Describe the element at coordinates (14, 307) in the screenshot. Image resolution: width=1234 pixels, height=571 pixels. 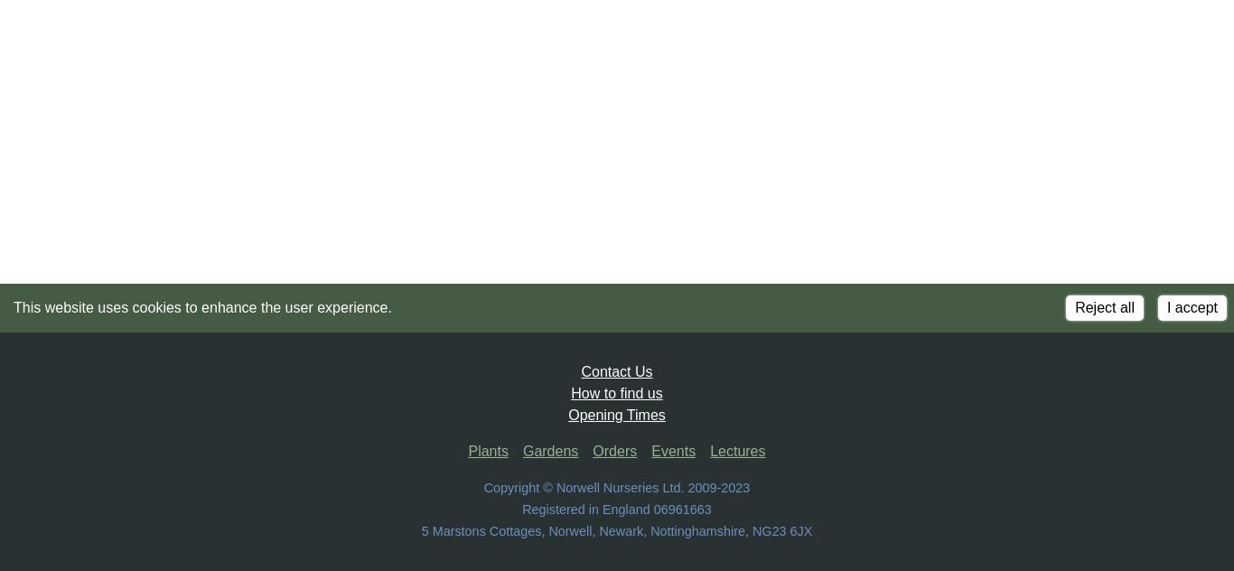
I see `'This website uses cookies to enhance the user experience.'` at that location.